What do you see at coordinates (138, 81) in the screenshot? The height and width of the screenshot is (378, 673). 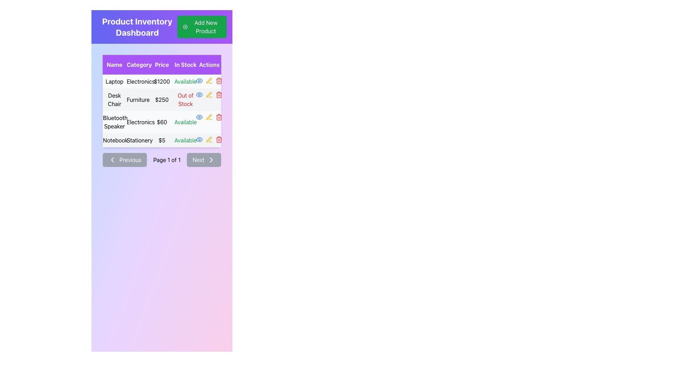 I see `the 'Laptop' text label in the second column of the data grid, which indicates that it belongs to the 'Electronics' category` at bounding box center [138, 81].